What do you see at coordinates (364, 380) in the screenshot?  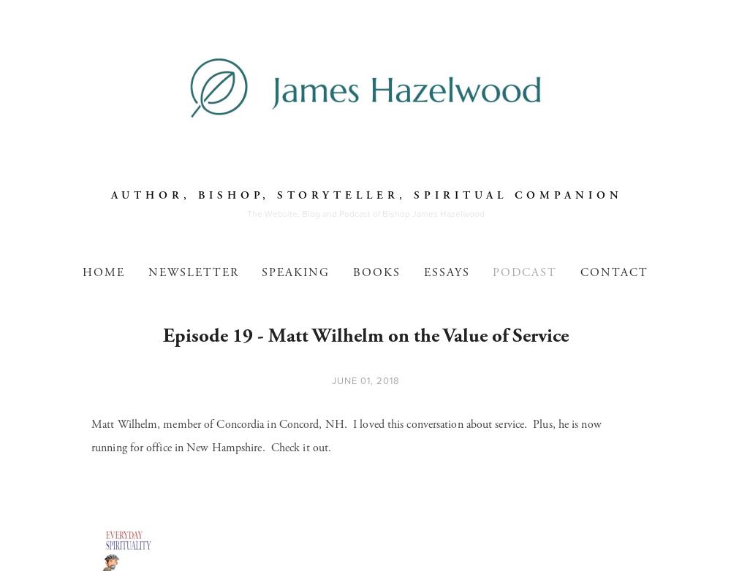 I see `'June 01, 2018'` at bounding box center [364, 380].